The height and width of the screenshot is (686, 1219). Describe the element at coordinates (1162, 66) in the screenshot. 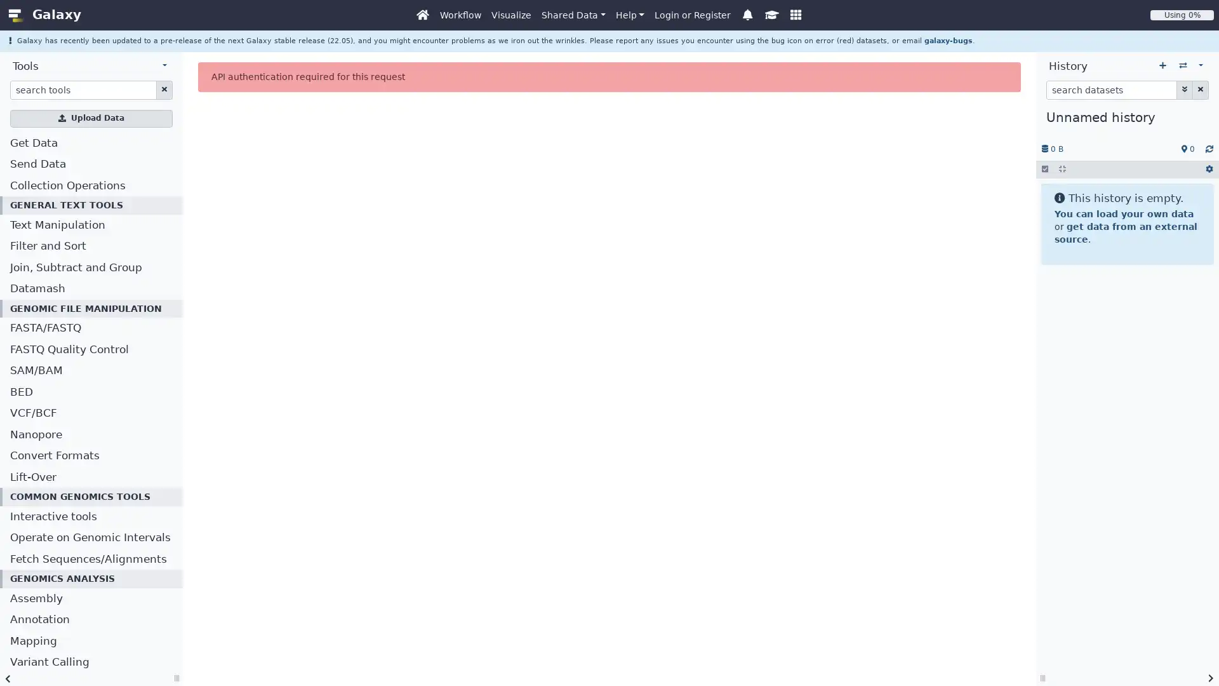

I see `Create new history` at that location.